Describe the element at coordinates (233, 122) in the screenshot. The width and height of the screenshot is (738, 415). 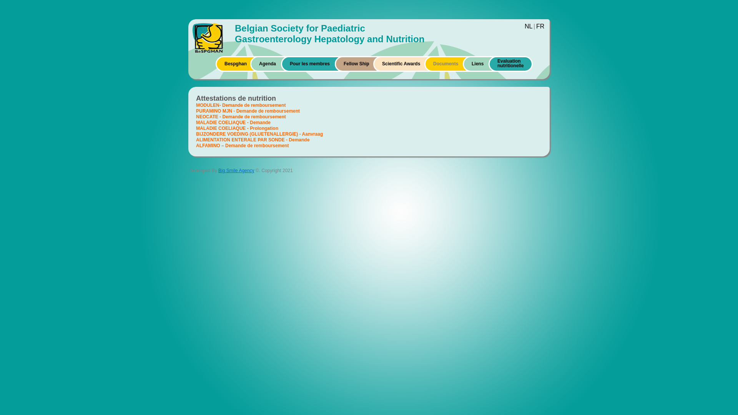
I see `'MALADIE COELIAQUE - Demande'` at that location.